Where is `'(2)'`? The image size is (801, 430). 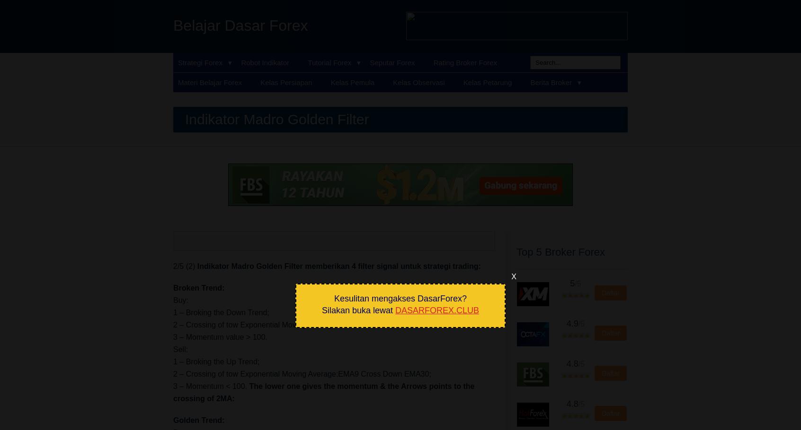 '(2)' is located at coordinates (191, 266).